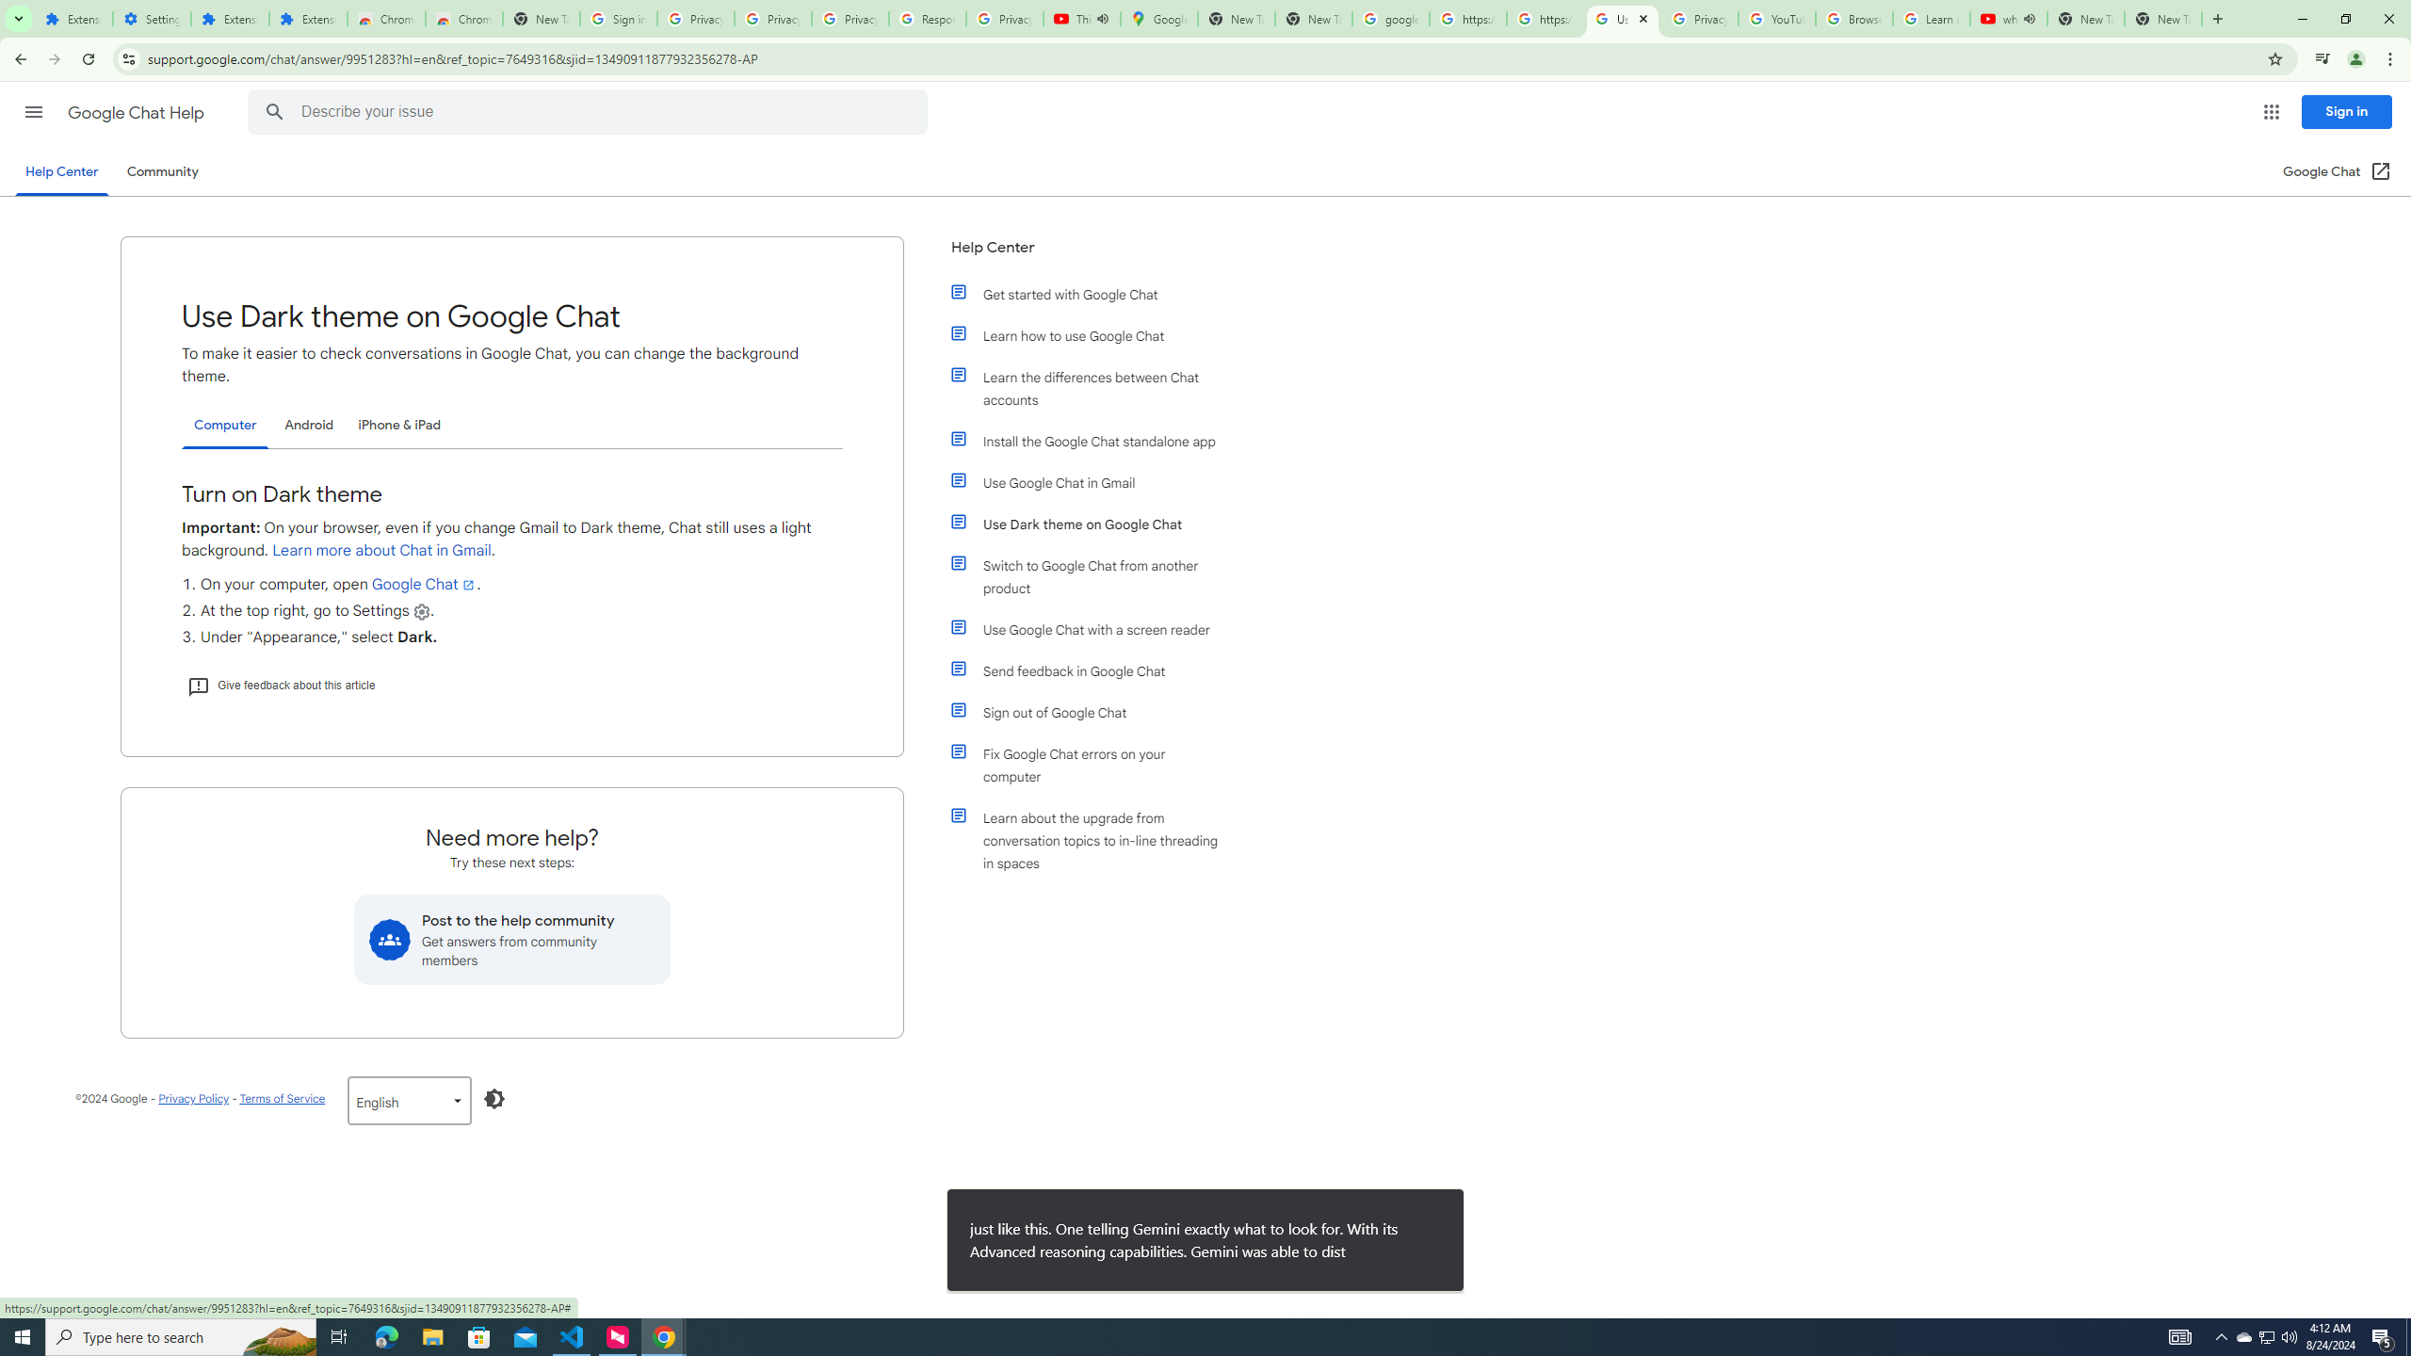 The height and width of the screenshot is (1356, 2411). Describe the element at coordinates (1544, 18) in the screenshot. I see `'https://scholar.google.com/'` at that location.